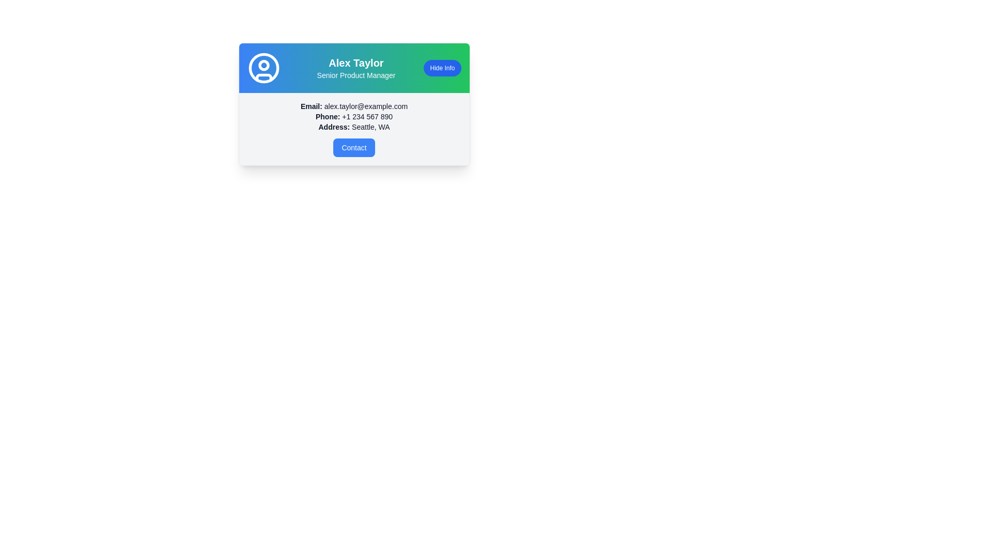 This screenshot has width=992, height=558. Describe the element at coordinates (356, 63) in the screenshot. I see `the text label displaying 'Alex Taylor' which is prominently positioned at the top of the card interface` at that location.